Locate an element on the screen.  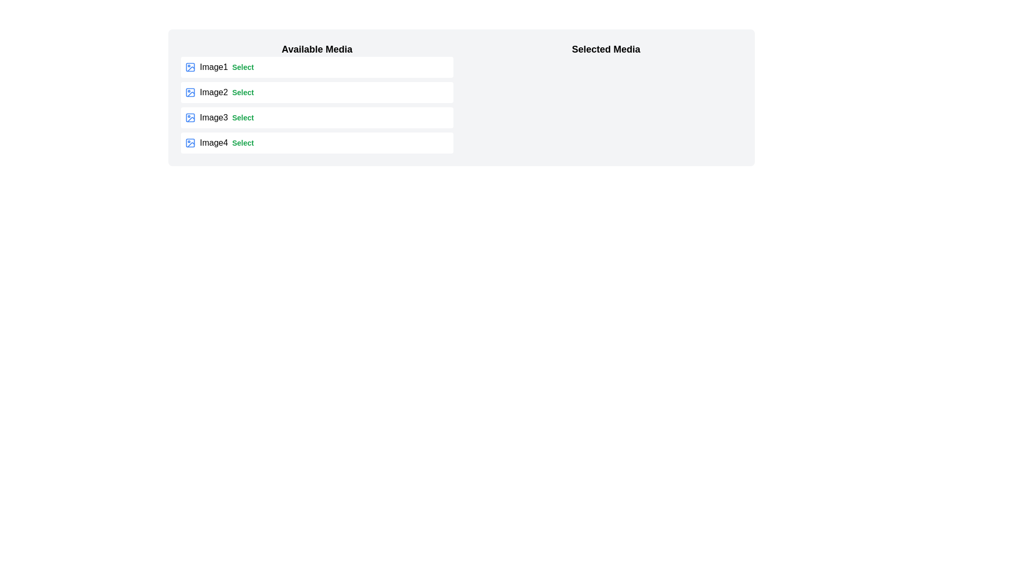
the second entry in the 'Available Media' list, labeled 'Image2' is located at coordinates (316, 105).